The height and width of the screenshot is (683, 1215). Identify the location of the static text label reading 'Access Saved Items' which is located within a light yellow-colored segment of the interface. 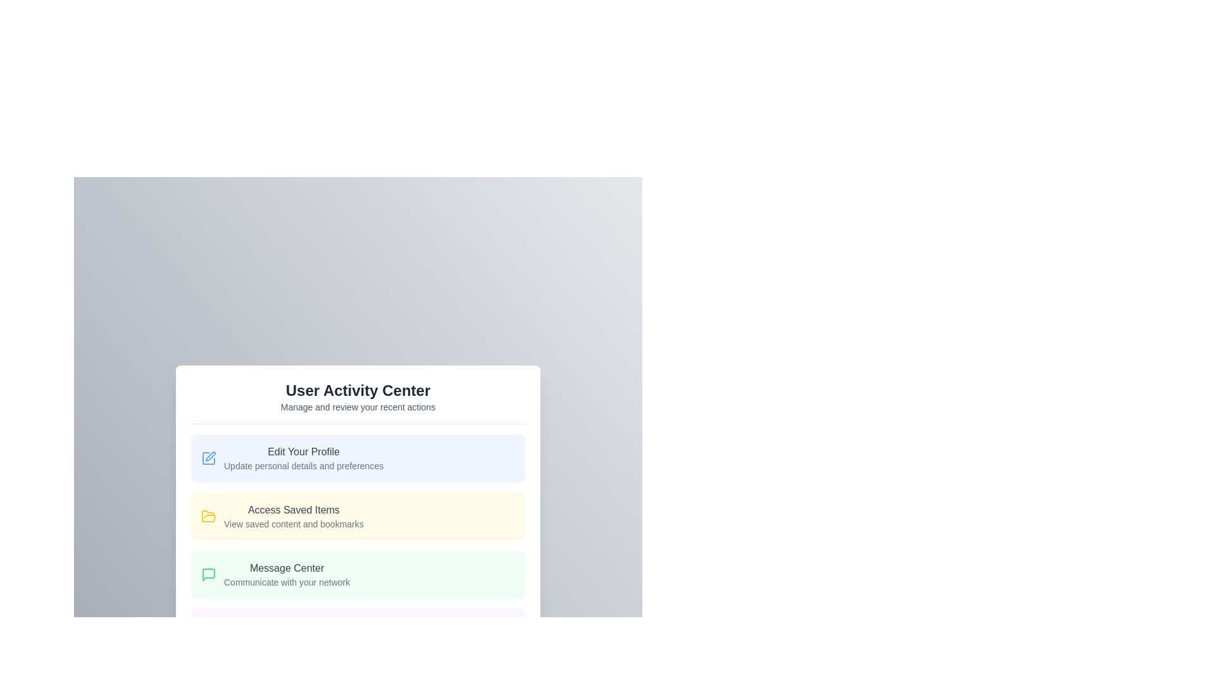
(293, 509).